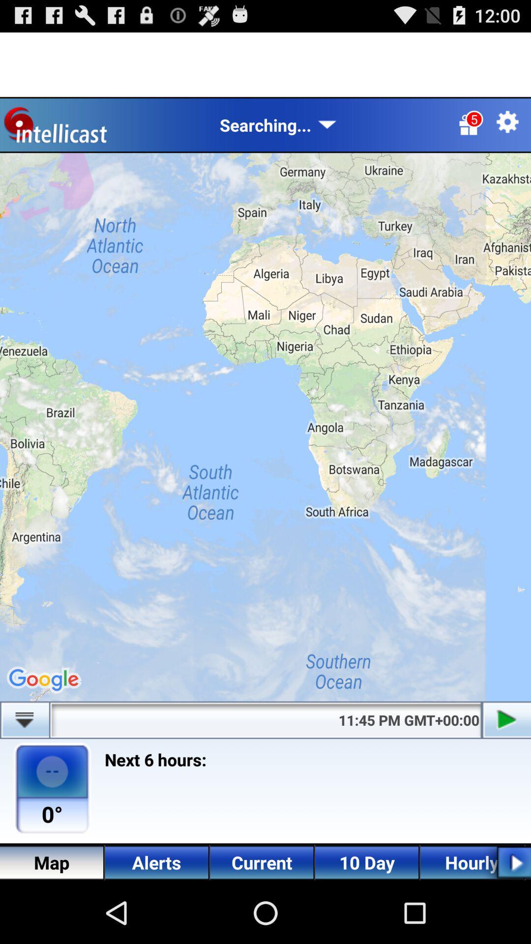 The height and width of the screenshot is (944, 531). I want to click on the settings icon, so click(507, 130).